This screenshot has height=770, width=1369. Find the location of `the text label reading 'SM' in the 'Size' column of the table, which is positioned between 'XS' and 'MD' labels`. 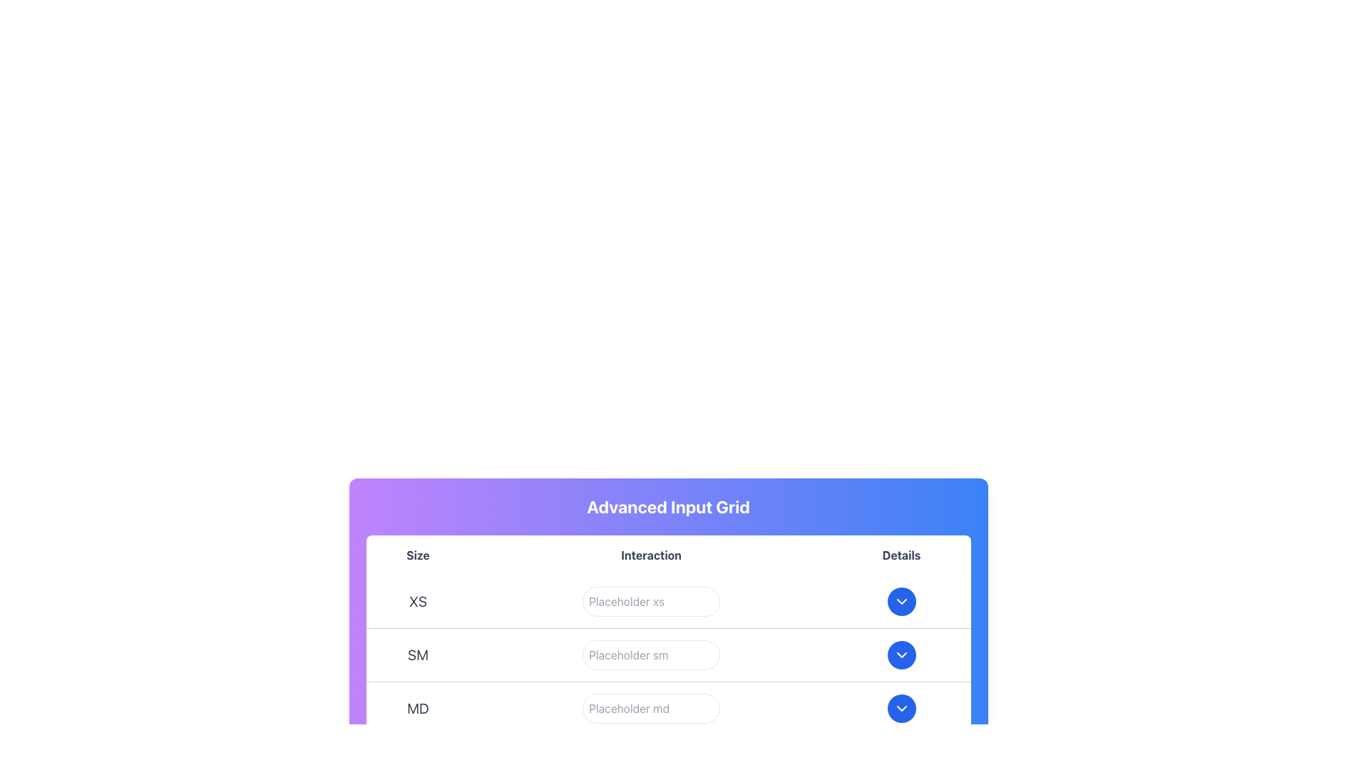

the text label reading 'SM' in the 'Size' column of the table, which is positioned between 'XS' and 'MD' labels is located at coordinates (417, 654).